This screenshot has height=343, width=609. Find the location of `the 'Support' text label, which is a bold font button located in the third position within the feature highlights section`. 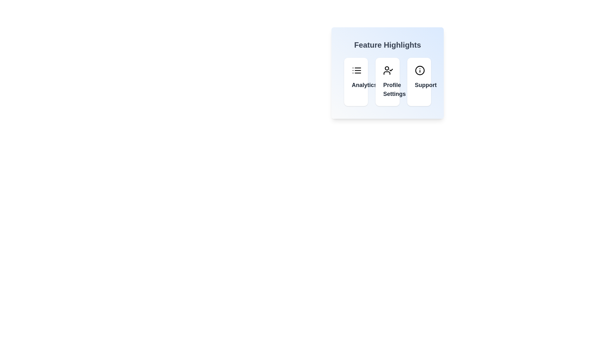

the 'Support' text label, which is a bold font button located in the third position within the feature highlights section is located at coordinates (419, 84).